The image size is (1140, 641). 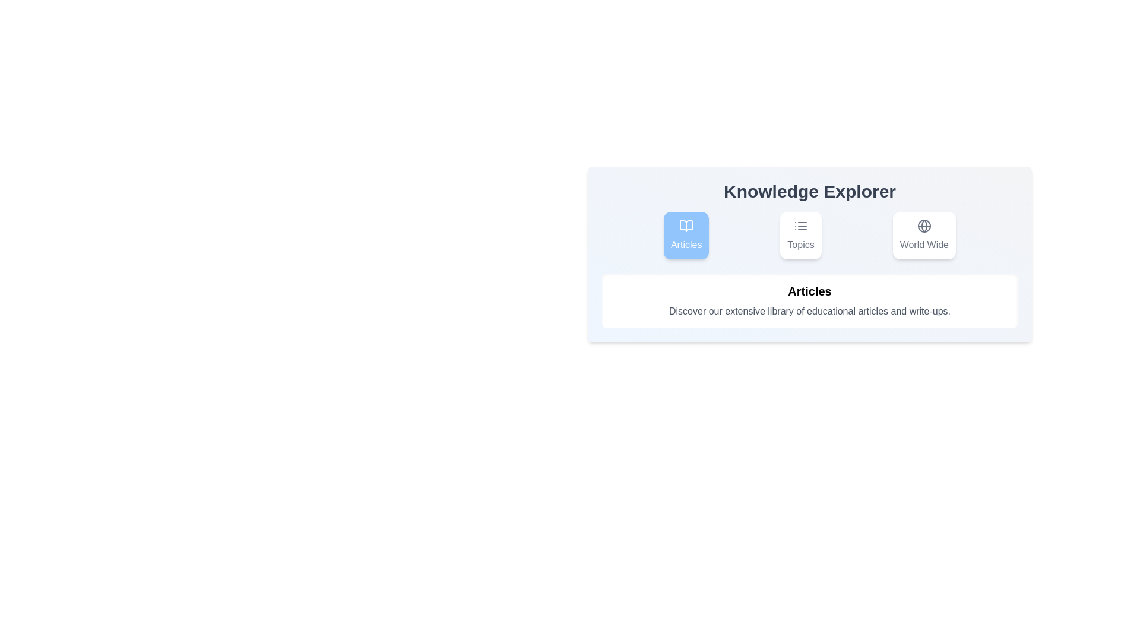 What do you see at coordinates (800, 236) in the screenshot?
I see `the Topics tab to view its content` at bounding box center [800, 236].